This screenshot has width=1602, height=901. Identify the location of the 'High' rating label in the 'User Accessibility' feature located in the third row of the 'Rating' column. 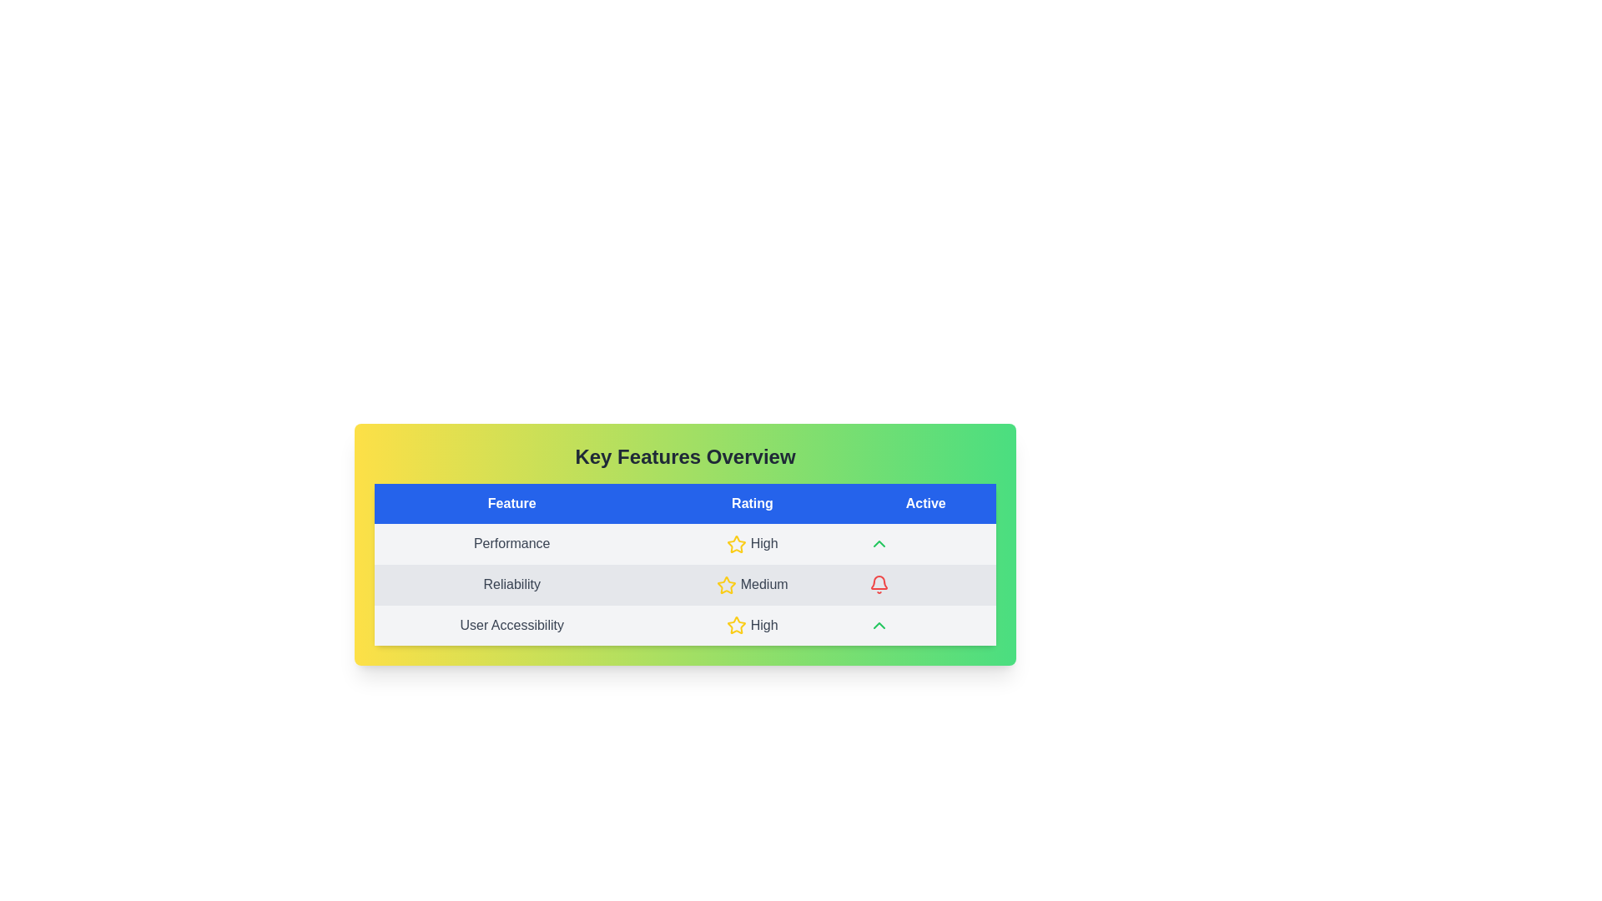
(752, 625).